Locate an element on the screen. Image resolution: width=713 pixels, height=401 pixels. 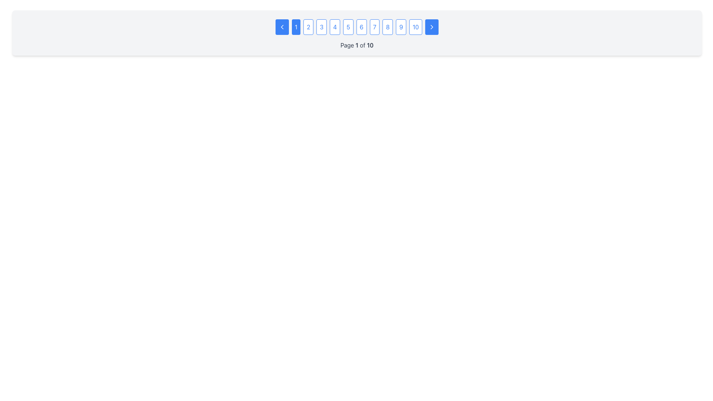
the rectangular button displaying the number '7' is located at coordinates (374, 27).